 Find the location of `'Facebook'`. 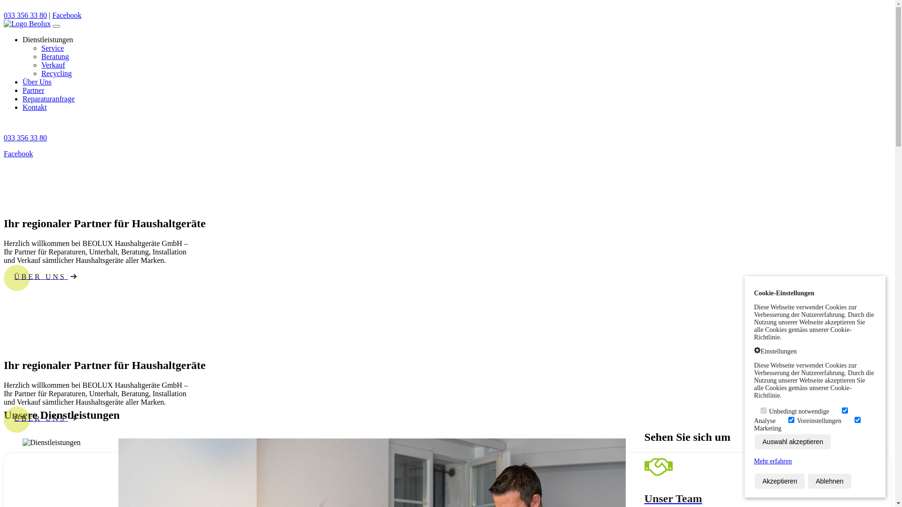

'Facebook' is located at coordinates (18, 153).